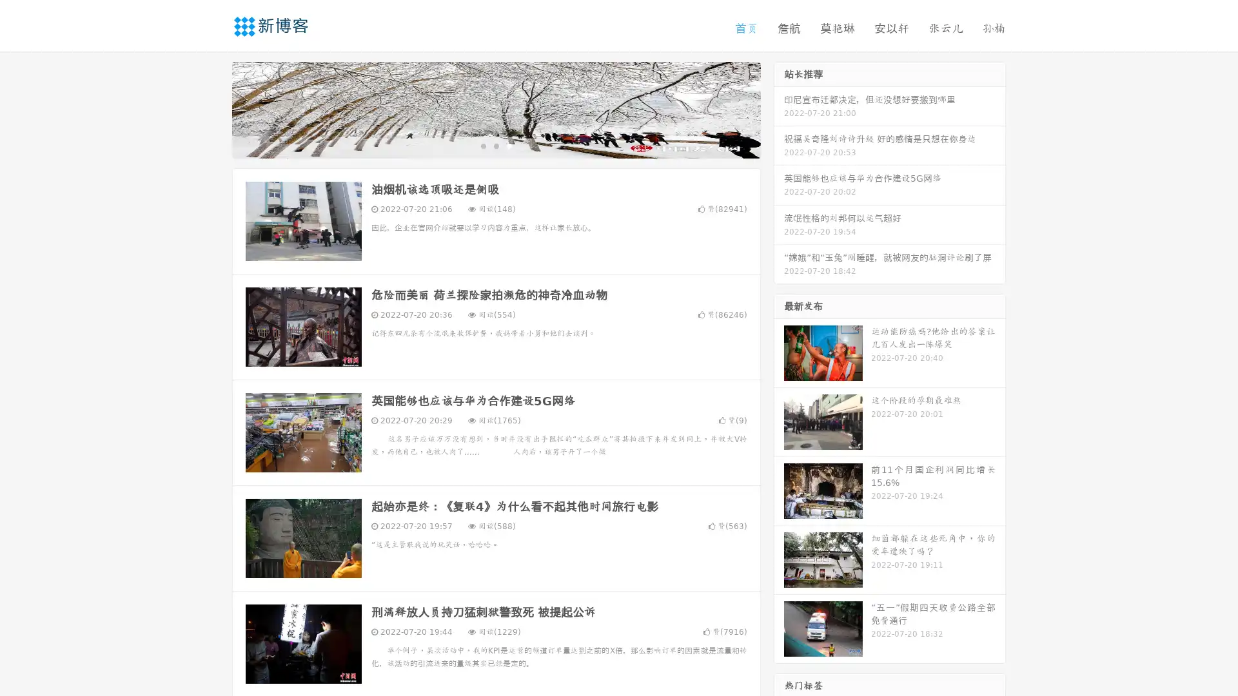 The image size is (1238, 696). I want to click on Go to slide 2, so click(495, 145).